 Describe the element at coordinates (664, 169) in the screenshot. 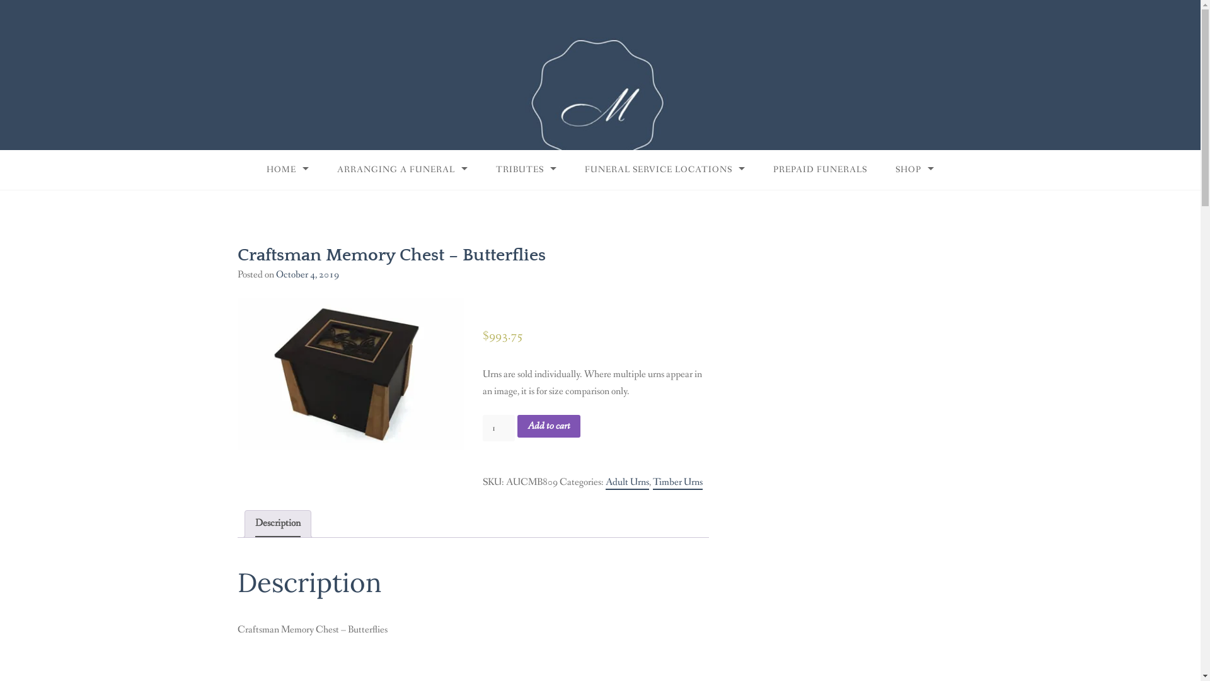

I see `'FUNERAL SERVICE LOCATIONS'` at that location.